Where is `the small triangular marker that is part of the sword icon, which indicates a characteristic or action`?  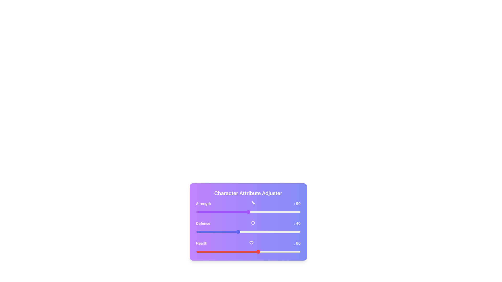 the small triangular marker that is part of the sword icon, which indicates a characteristic or action is located at coordinates (253, 202).